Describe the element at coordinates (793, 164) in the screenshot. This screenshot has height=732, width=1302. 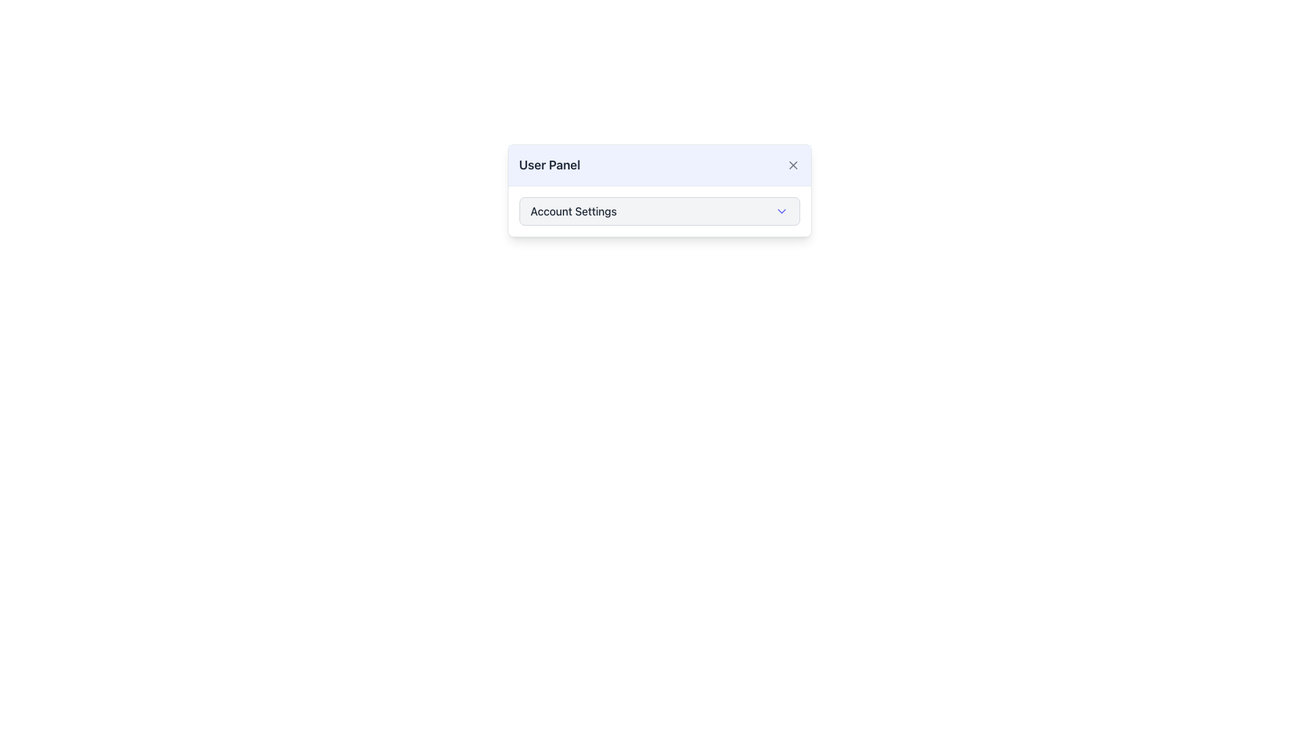
I see `the graphical icon resembling a diagonal cross ('X') located in the top-right corner of the 'User Panel'` at that location.